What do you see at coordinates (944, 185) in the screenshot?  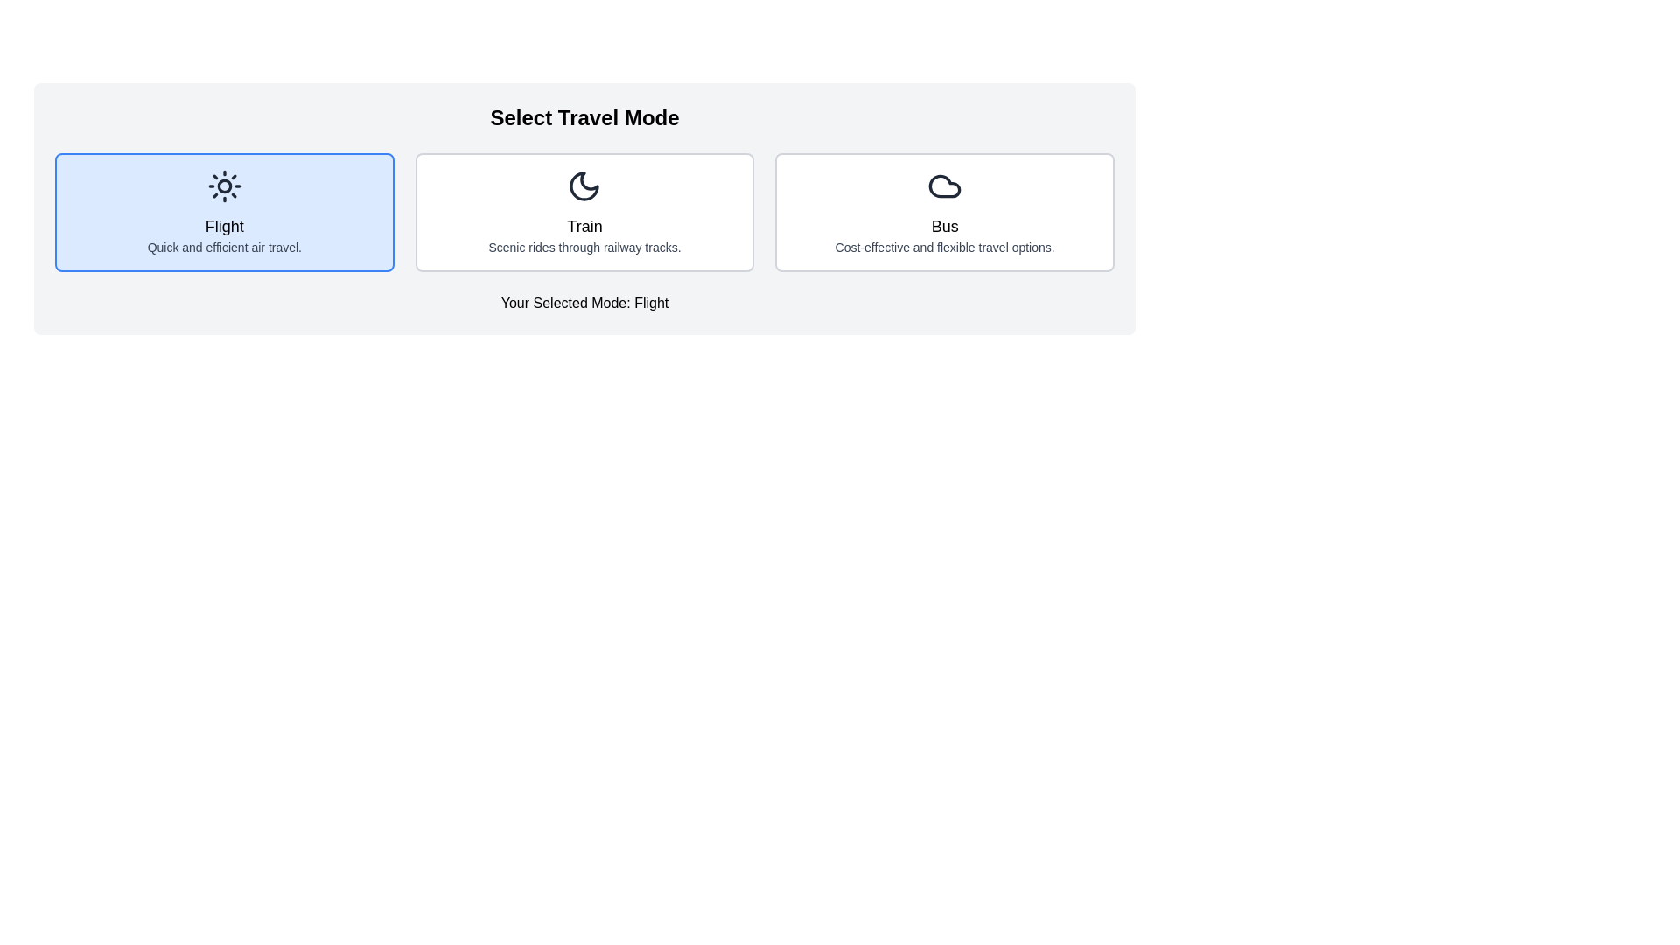 I see `the cloud-shaped icon located in the 'Bus' selection box of the travel mode interface` at bounding box center [944, 185].